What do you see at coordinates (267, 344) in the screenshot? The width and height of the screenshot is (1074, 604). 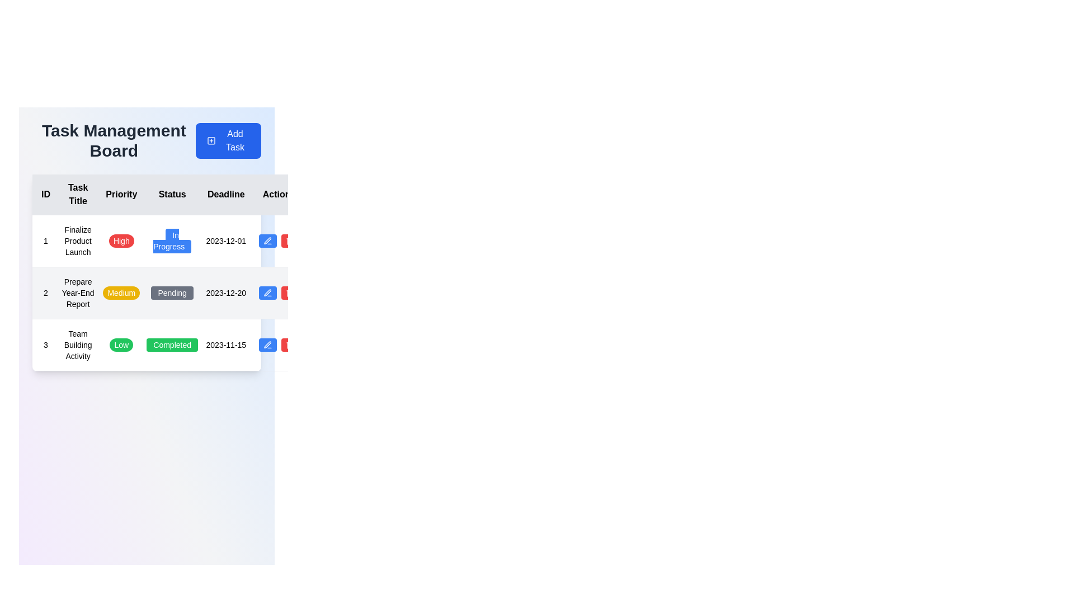 I see `the pen icon in the Action column next to the task 'Prepare Year-End Report'` at bounding box center [267, 344].